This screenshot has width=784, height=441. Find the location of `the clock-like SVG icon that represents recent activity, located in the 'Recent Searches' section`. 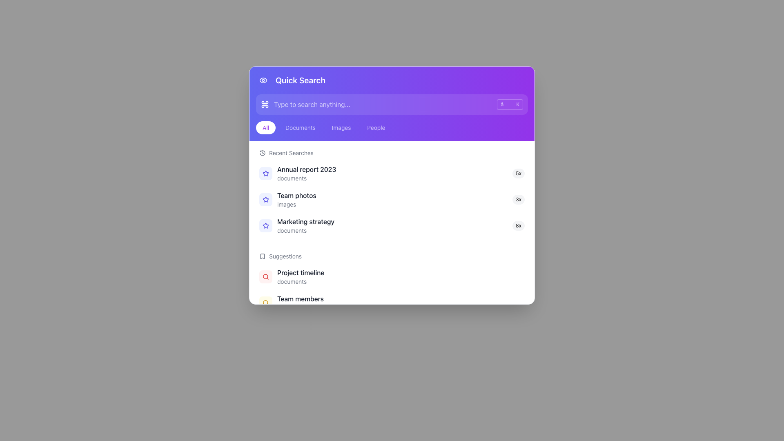

the clock-like SVG icon that represents recent activity, located in the 'Recent Searches' section is located at coordinates (263, 153).